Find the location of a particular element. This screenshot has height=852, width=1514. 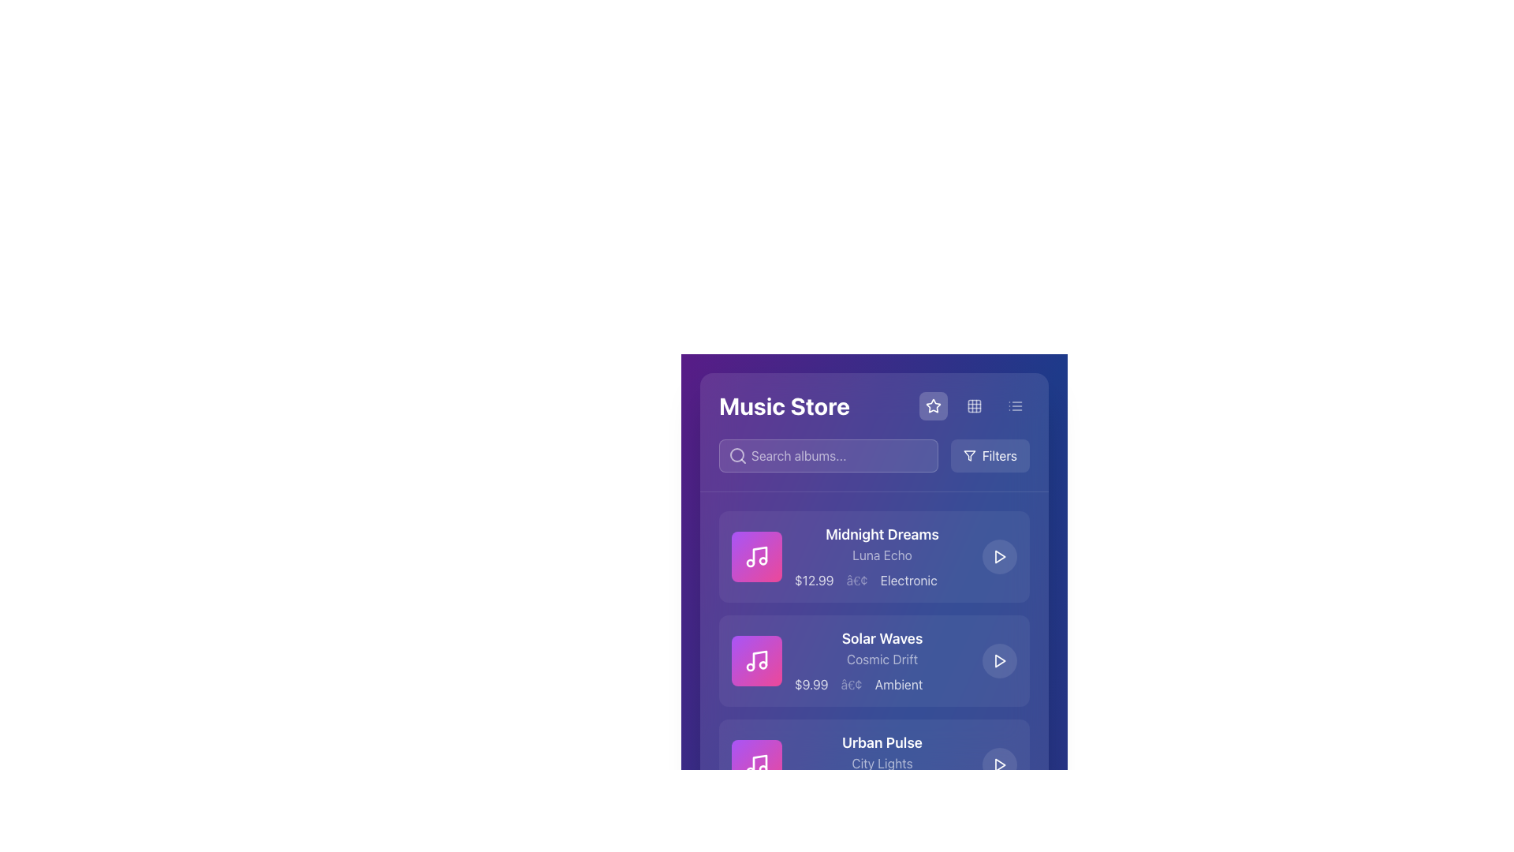

the circular playback button located in the top-right corner of the 'Midnight Dreams' album card to observe its hover effect is located at coordinates (998, 555).